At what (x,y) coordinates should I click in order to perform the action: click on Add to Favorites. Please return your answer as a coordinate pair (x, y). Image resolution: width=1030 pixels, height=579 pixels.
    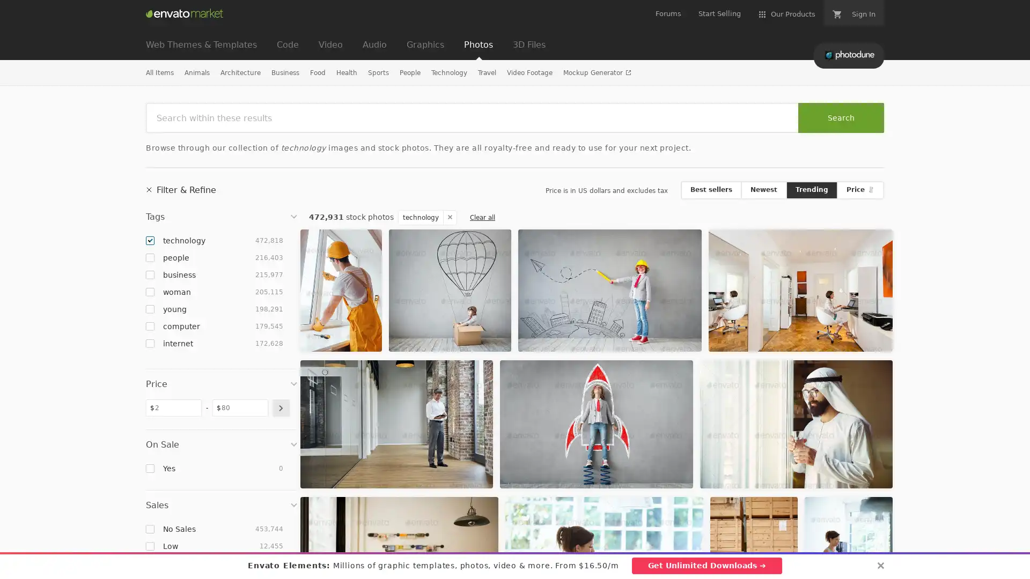
    Looking at the image, I should click on (678, 373).